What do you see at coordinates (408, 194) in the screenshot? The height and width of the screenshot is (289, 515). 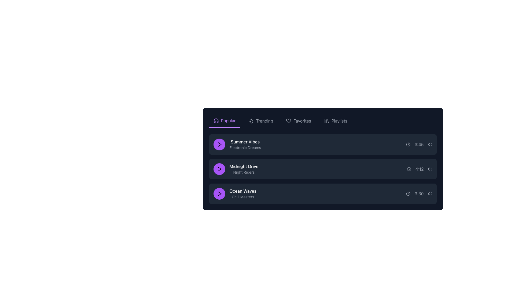 I see `the time-related icon located on the far-left side of the row displaying '3:30', which is part of the third list item, to indirectly interact with its associated components` at bounding box center [408, 194].